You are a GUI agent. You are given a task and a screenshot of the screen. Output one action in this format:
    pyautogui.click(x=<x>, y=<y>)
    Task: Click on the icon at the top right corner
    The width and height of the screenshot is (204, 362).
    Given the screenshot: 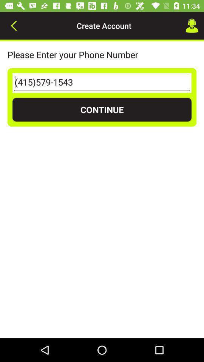 What is the action you would take?
    pyautogui.click(x=192, y=26)
    